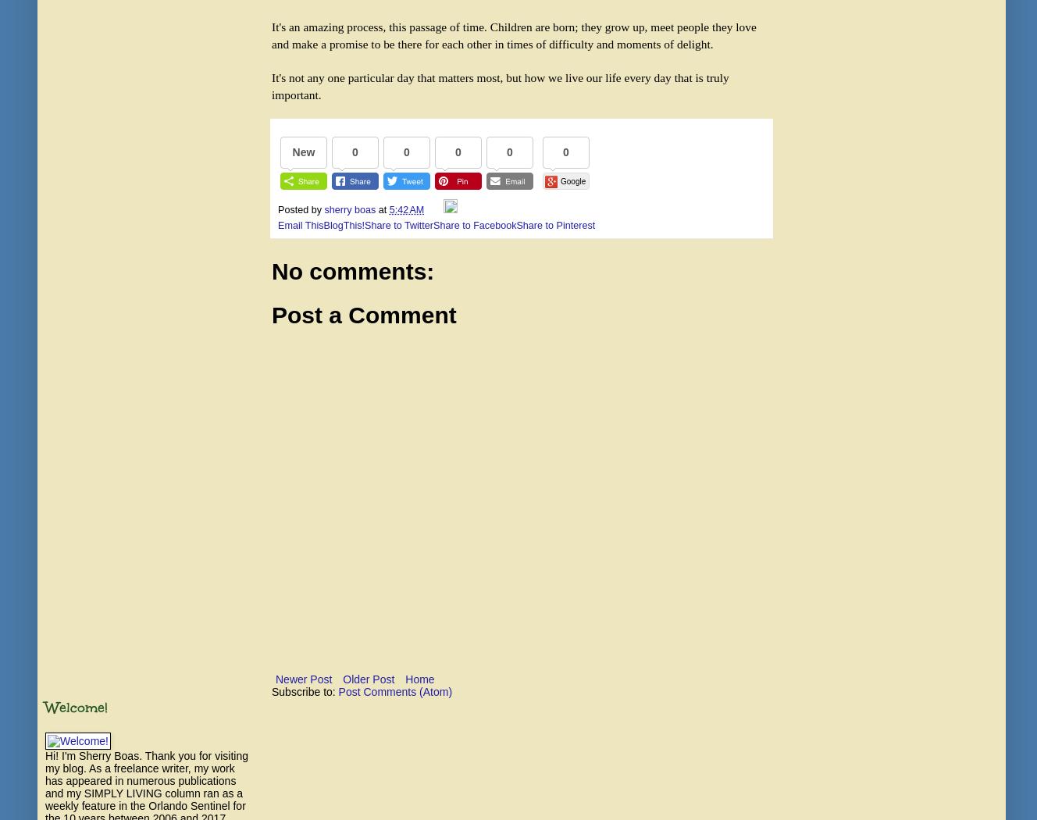  Describe the element at coordinates (300, 209) in the screenshot. I see `'Posted by'` at that location.